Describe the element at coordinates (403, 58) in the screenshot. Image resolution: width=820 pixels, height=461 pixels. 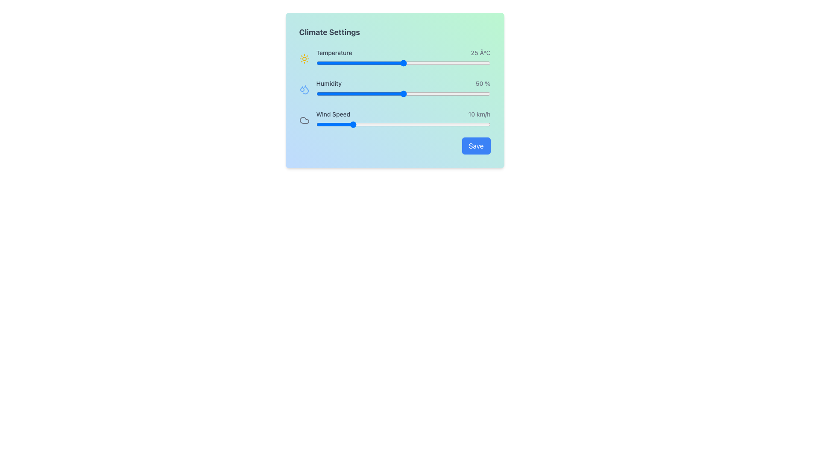
I see `the interactive Range Slider bar to set a precise temperature value, located in the top segment of the 'Climate Settings' panel, adjacent to the text 'Temperature' and the value '25°C'` at that location.